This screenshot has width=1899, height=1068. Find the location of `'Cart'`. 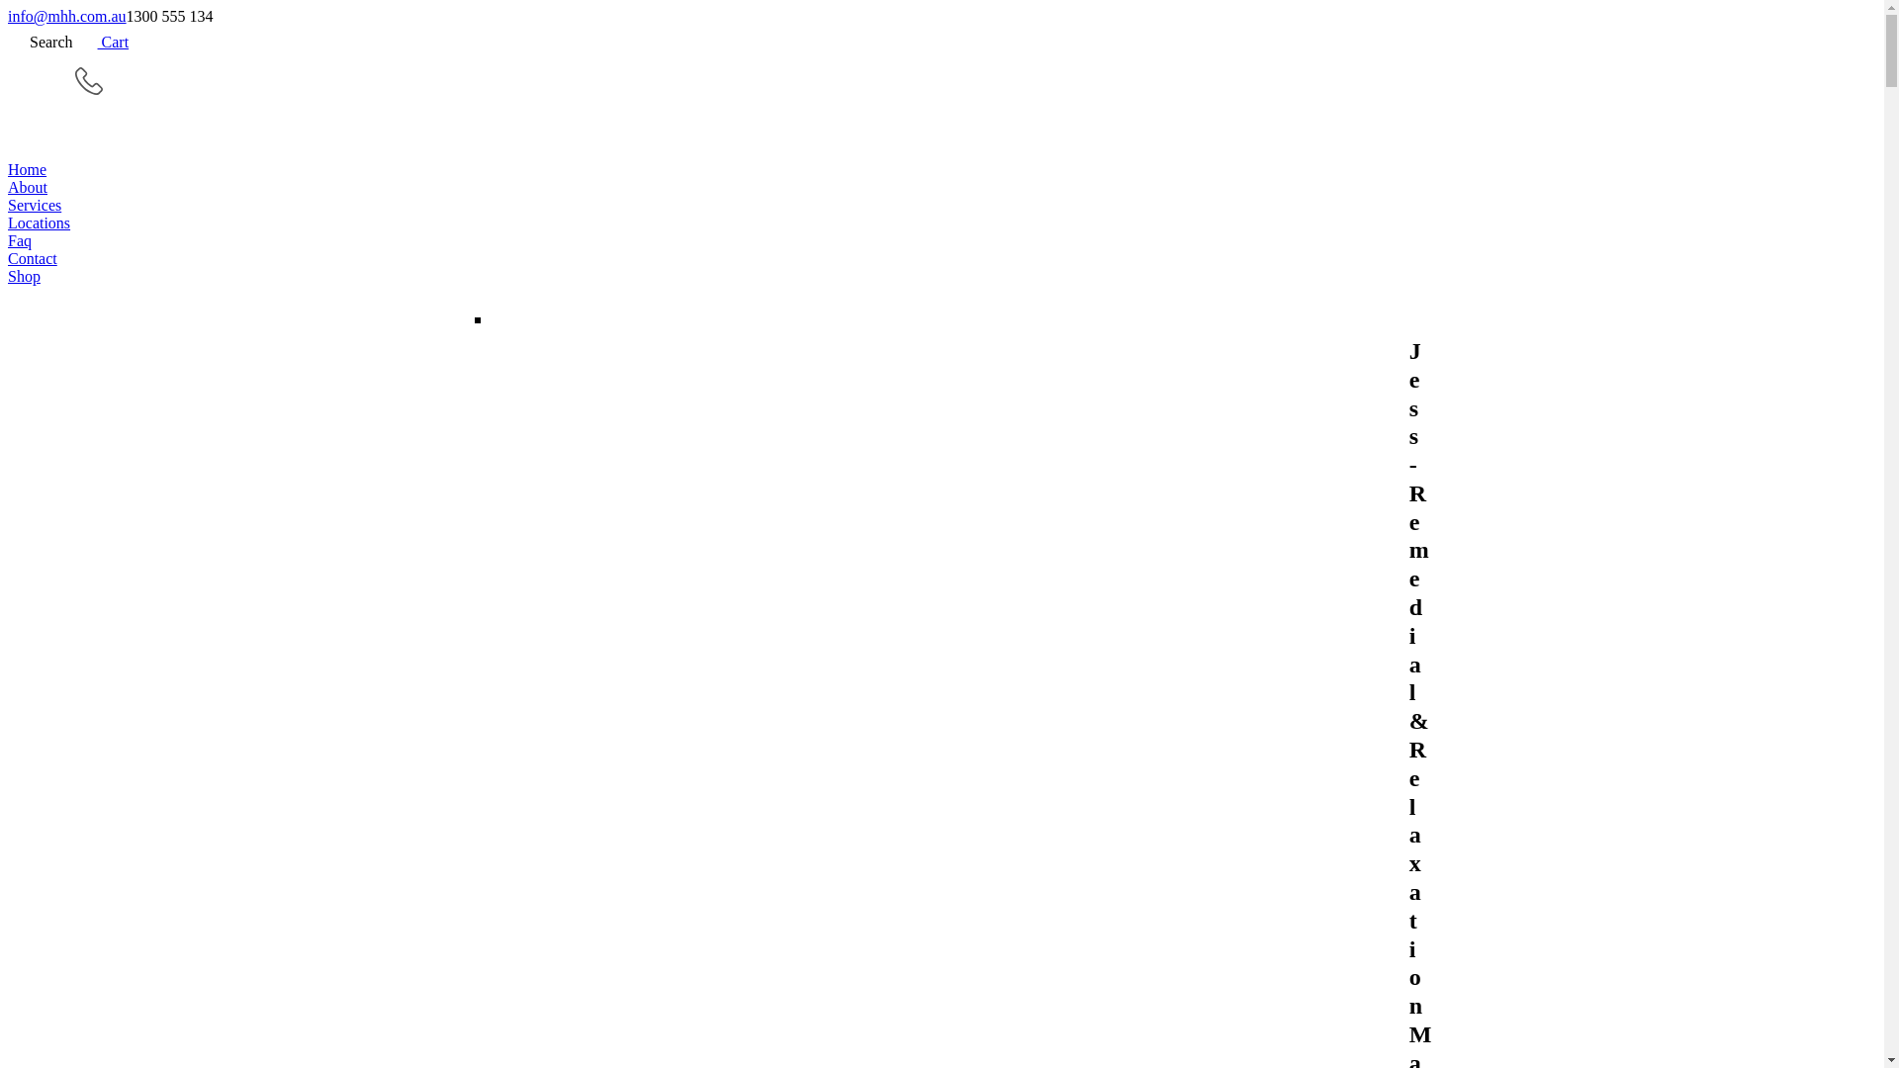

'Cart' is located at coordinates (100, 42).